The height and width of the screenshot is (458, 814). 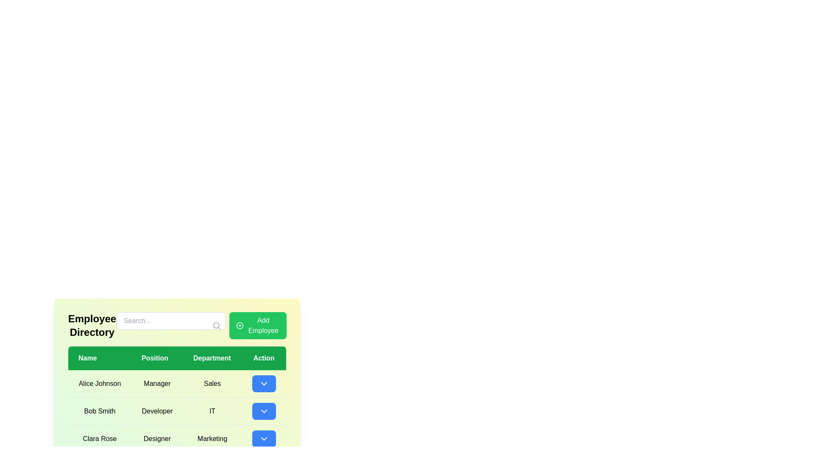 I want to click on the 'Department' Table Header Cell, which is the third cell in the header row of the table, positioned between 'Position' and 'Action', so click(x=212, y=358).